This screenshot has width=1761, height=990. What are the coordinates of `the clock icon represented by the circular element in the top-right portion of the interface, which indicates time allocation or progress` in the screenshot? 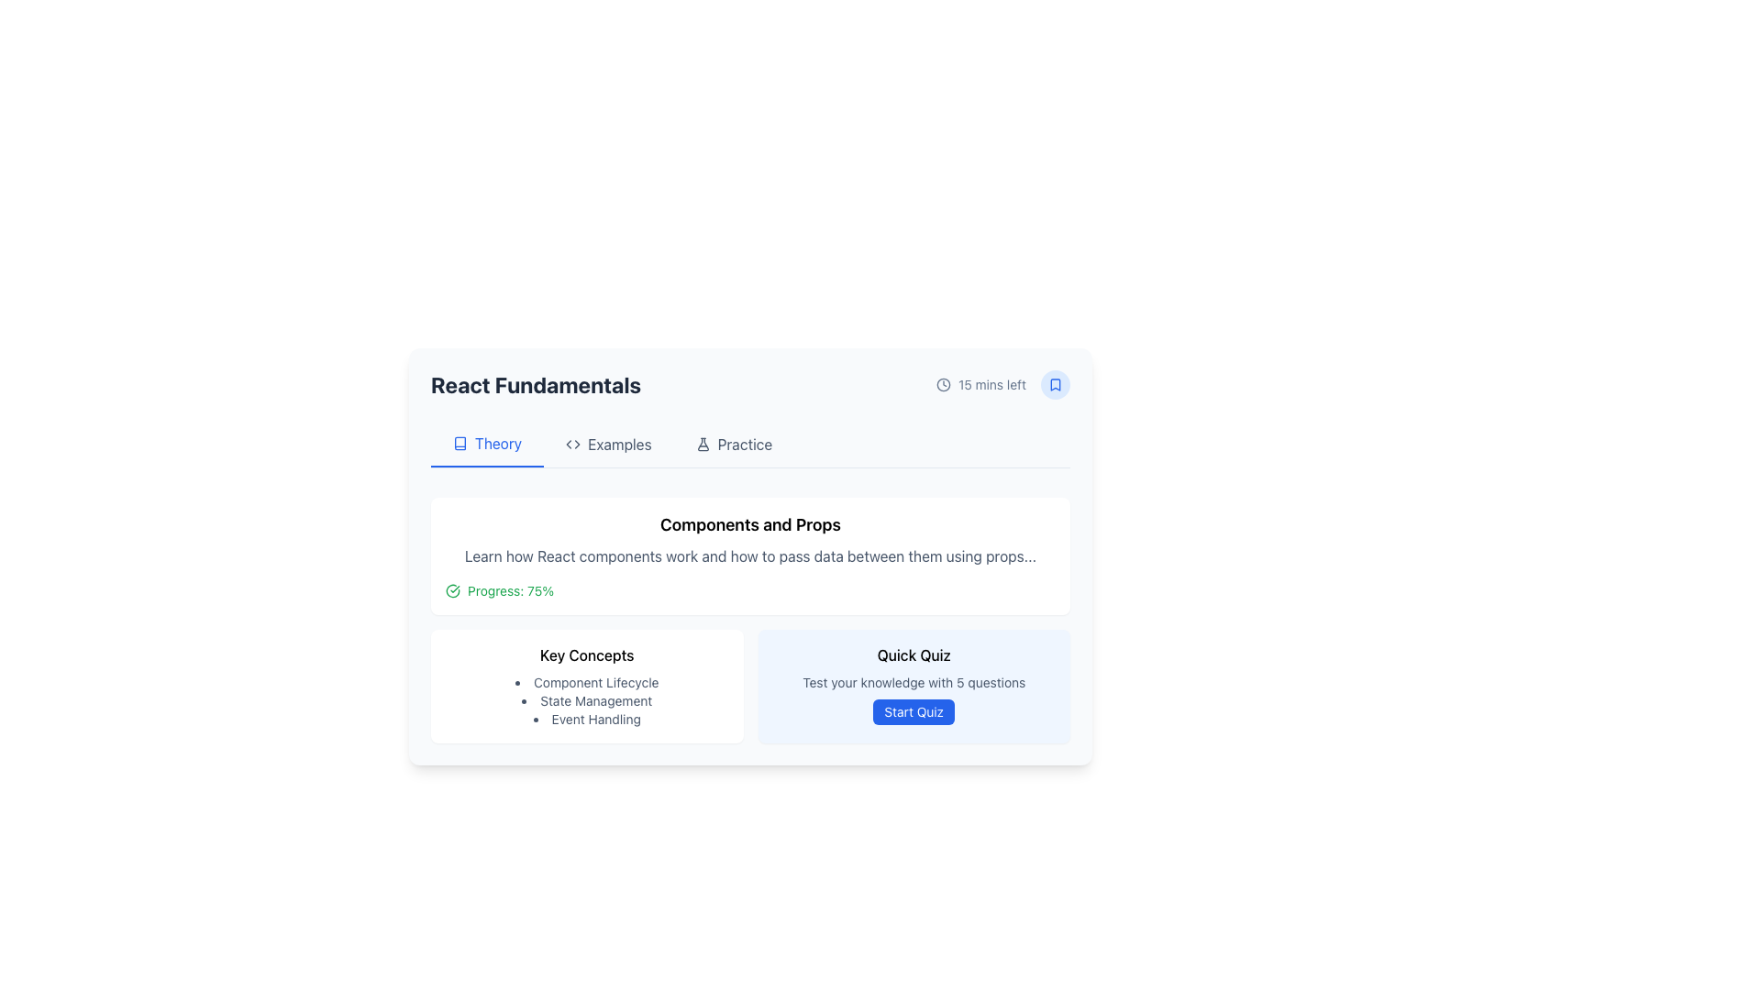 It's located at (943, 384).